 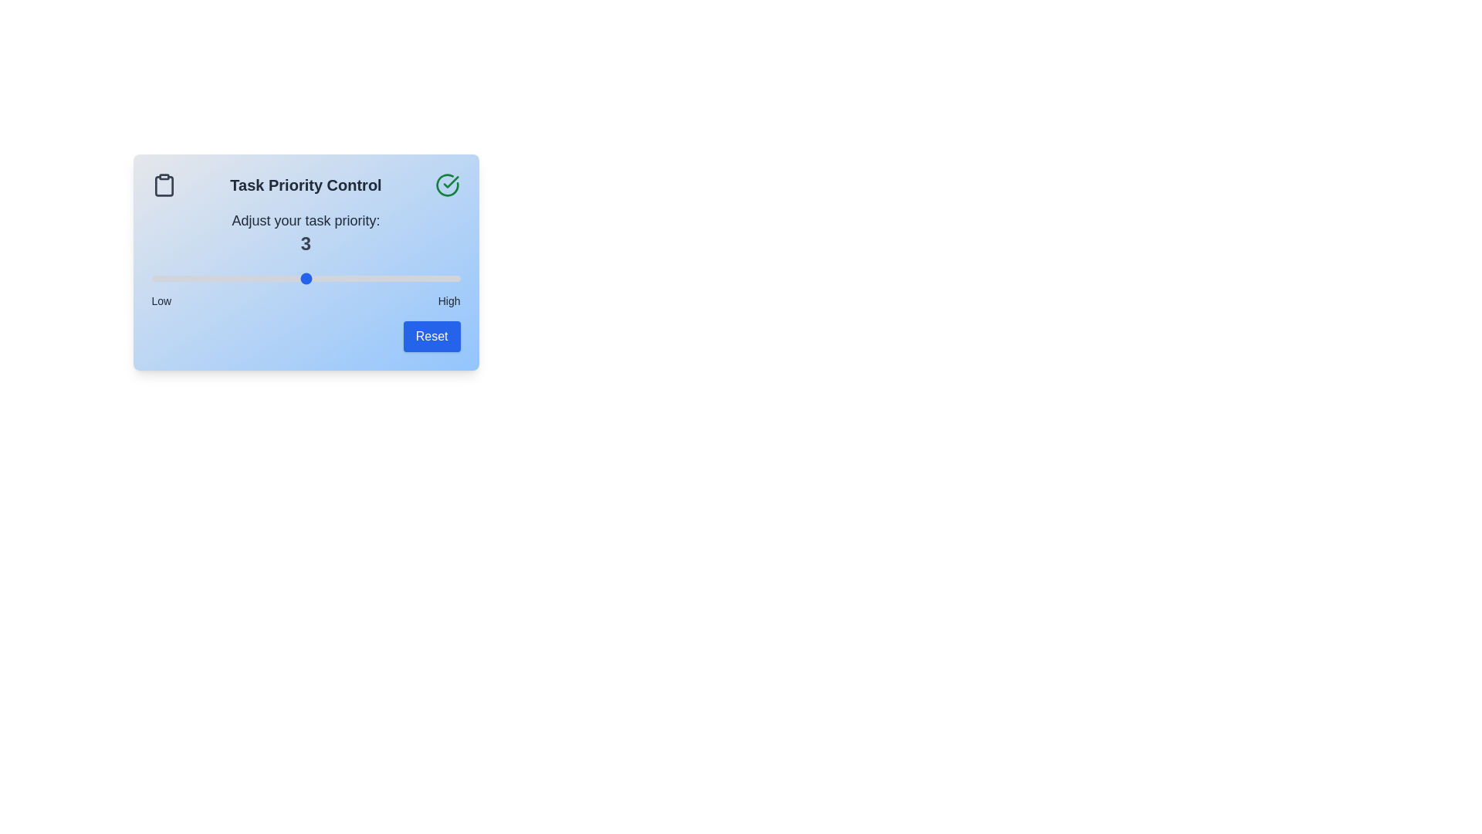 What do you see at coordinates (306, 279) in the screenshot?
I see `the priority slider to 3 within the range of 1 to 5` at bounding box center [306, 279].